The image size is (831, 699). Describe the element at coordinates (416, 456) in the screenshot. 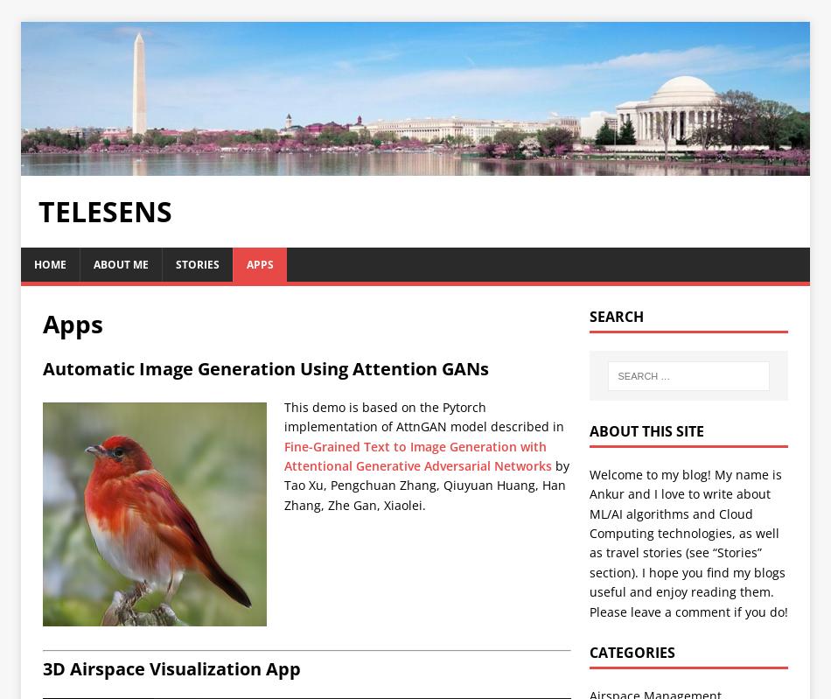

I see `'Fine-Grained Text to Image Generation with Attentional Generative Adversarial Networks'` at that location.